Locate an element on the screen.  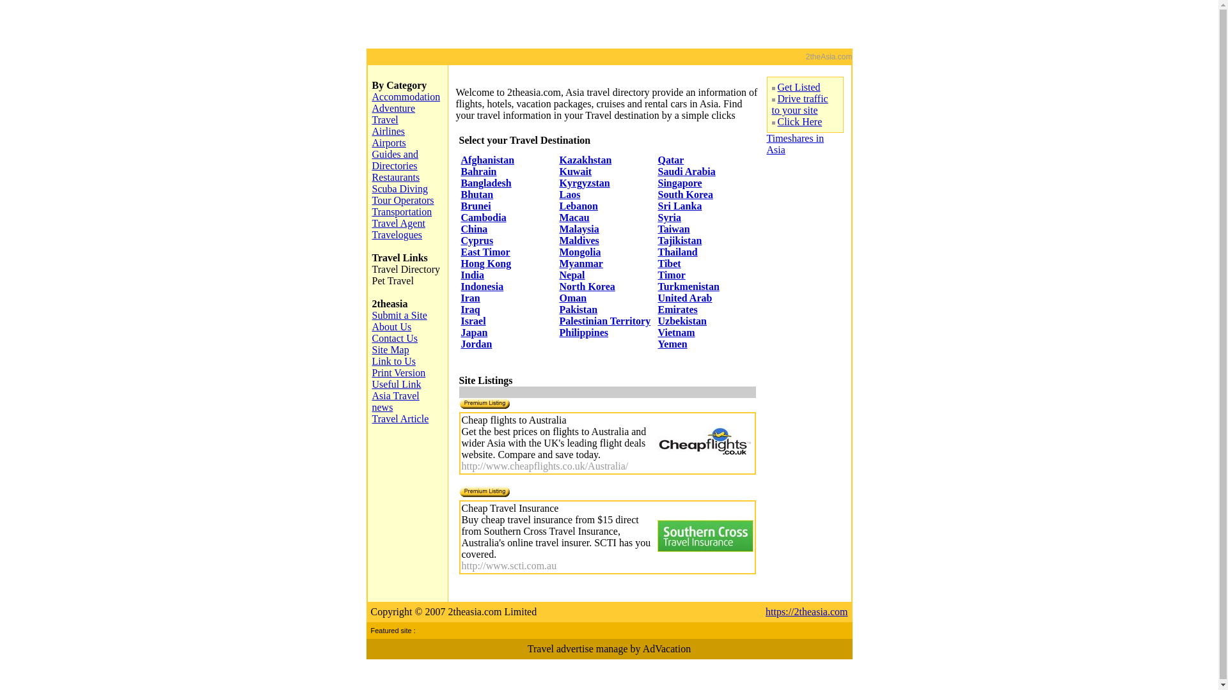
'Kyrgyzstan' is located at coordinates (583, 183).